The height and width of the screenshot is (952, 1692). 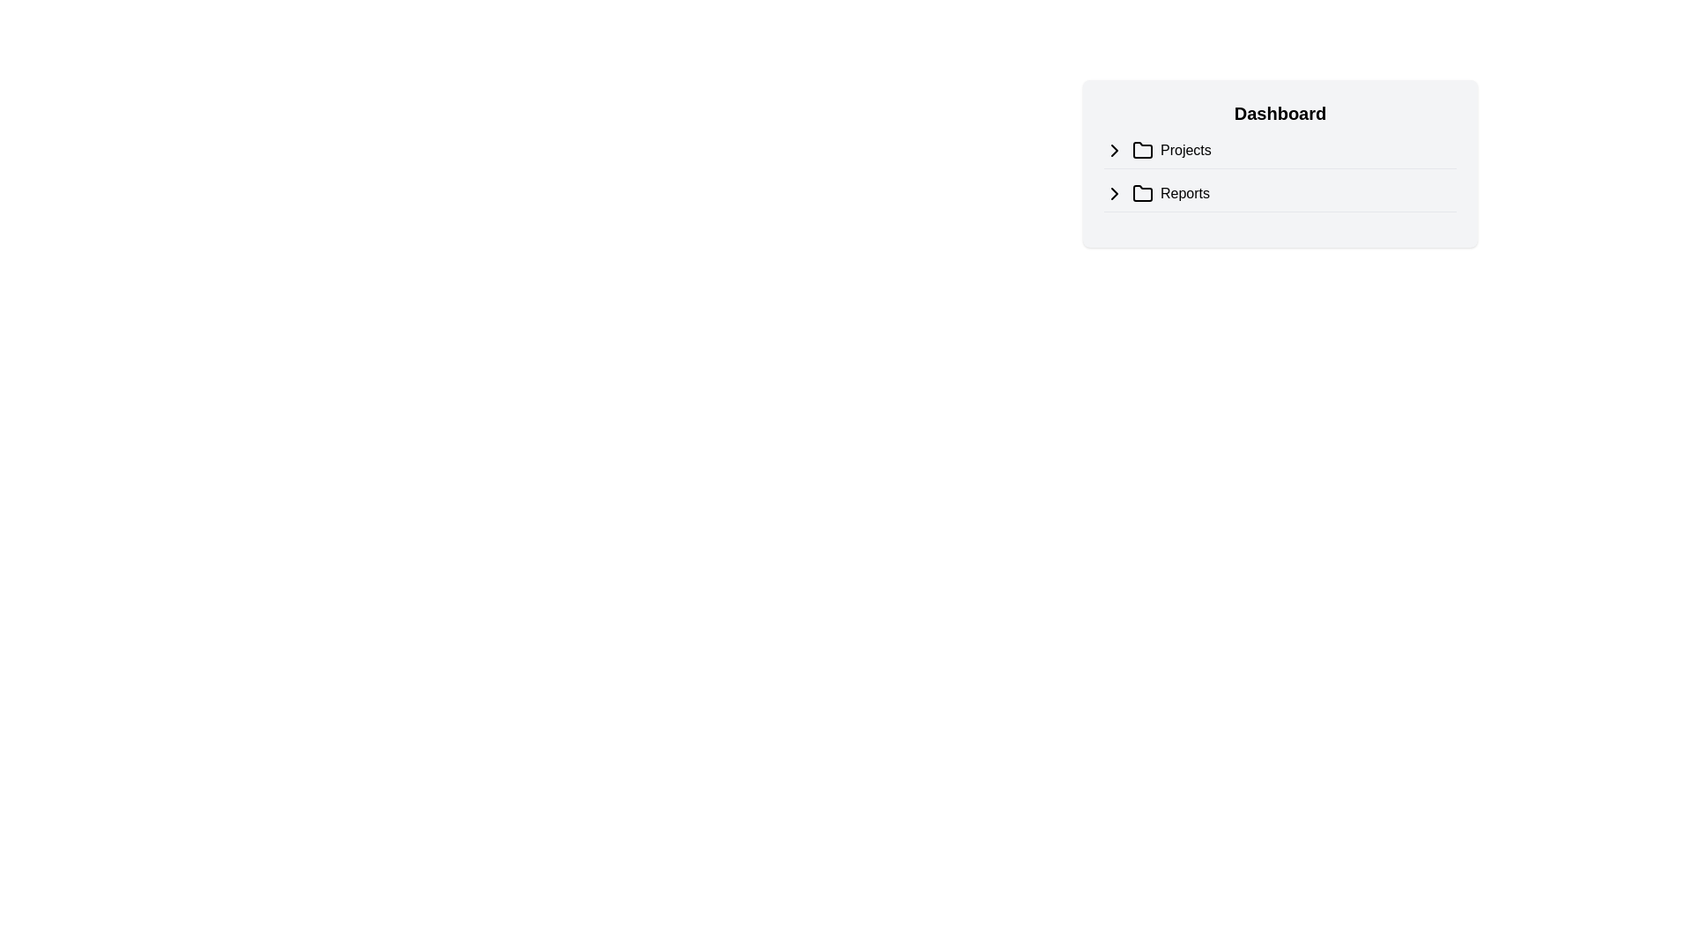 What do you see at coordinates (1280, 193) in the screenshot?
I see `the 'Reports' button in the Dashboard section` at bounding box center [1280, 193].